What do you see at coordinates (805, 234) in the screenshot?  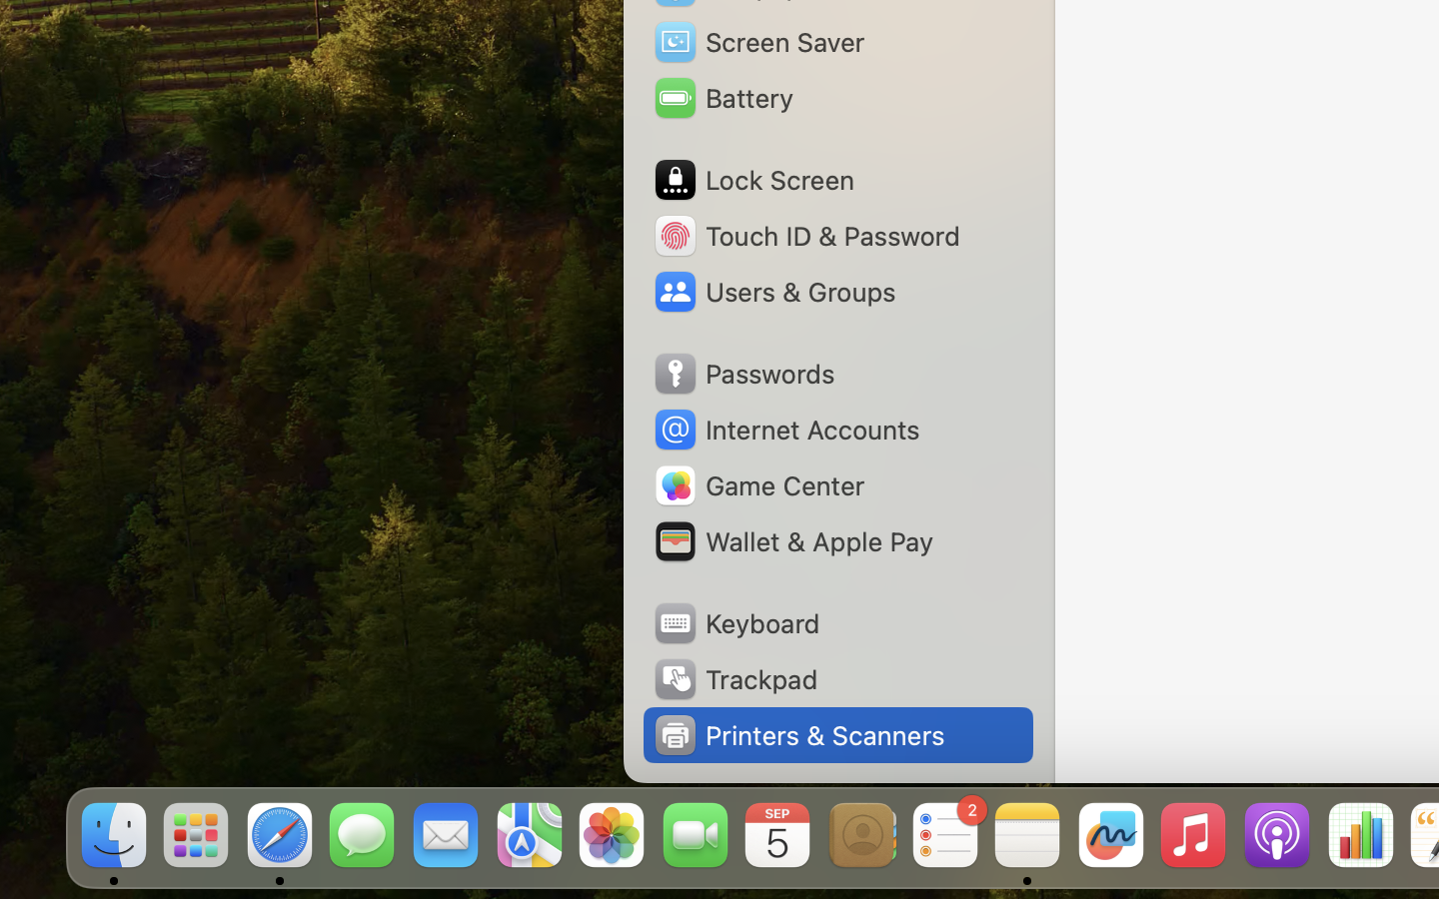 I see `'Touch ID & Password'` at bounding box center [805, 234].